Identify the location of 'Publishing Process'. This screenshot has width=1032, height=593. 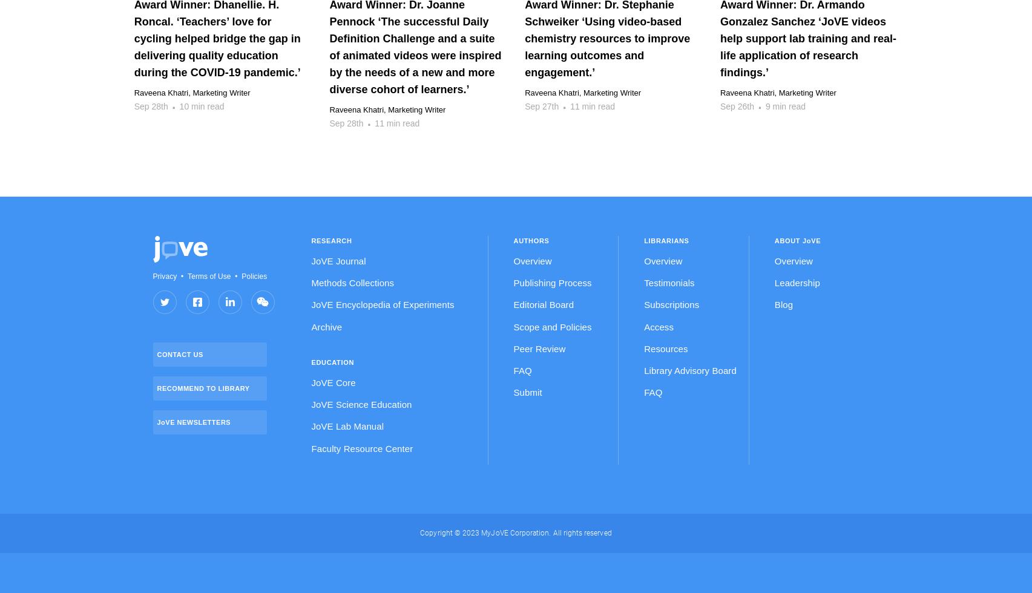
(551, 283).